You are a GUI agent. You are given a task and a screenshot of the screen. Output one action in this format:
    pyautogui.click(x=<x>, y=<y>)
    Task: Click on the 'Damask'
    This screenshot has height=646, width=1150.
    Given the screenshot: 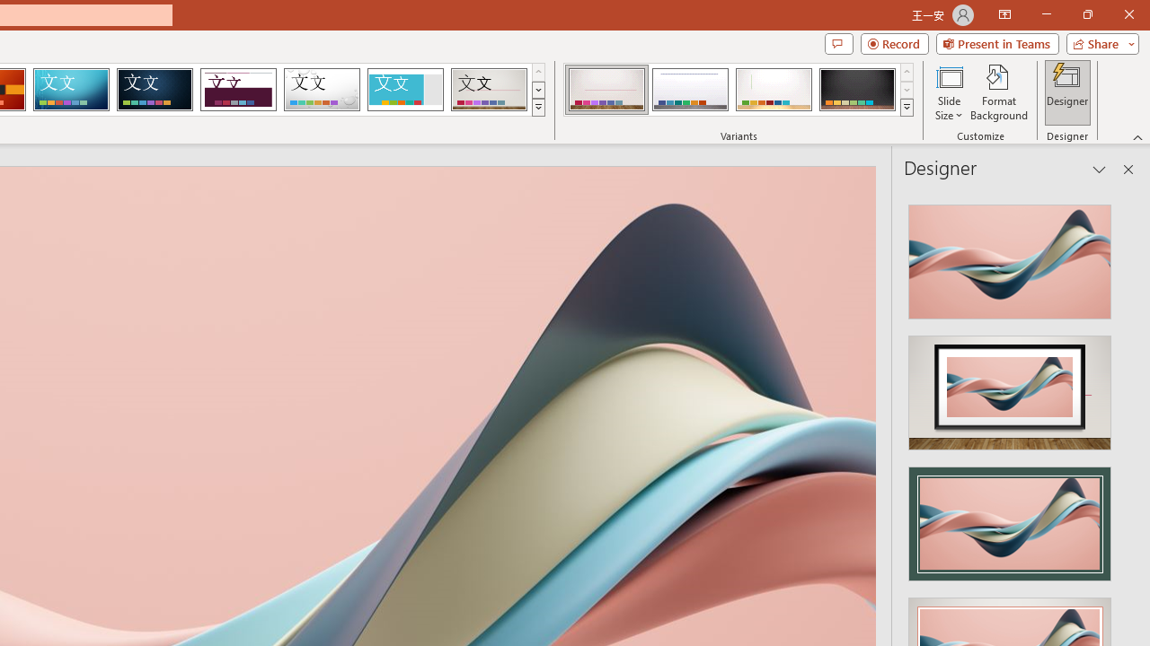 What is the action you would take?
    pyautogui.click(x=155, y=90)
    